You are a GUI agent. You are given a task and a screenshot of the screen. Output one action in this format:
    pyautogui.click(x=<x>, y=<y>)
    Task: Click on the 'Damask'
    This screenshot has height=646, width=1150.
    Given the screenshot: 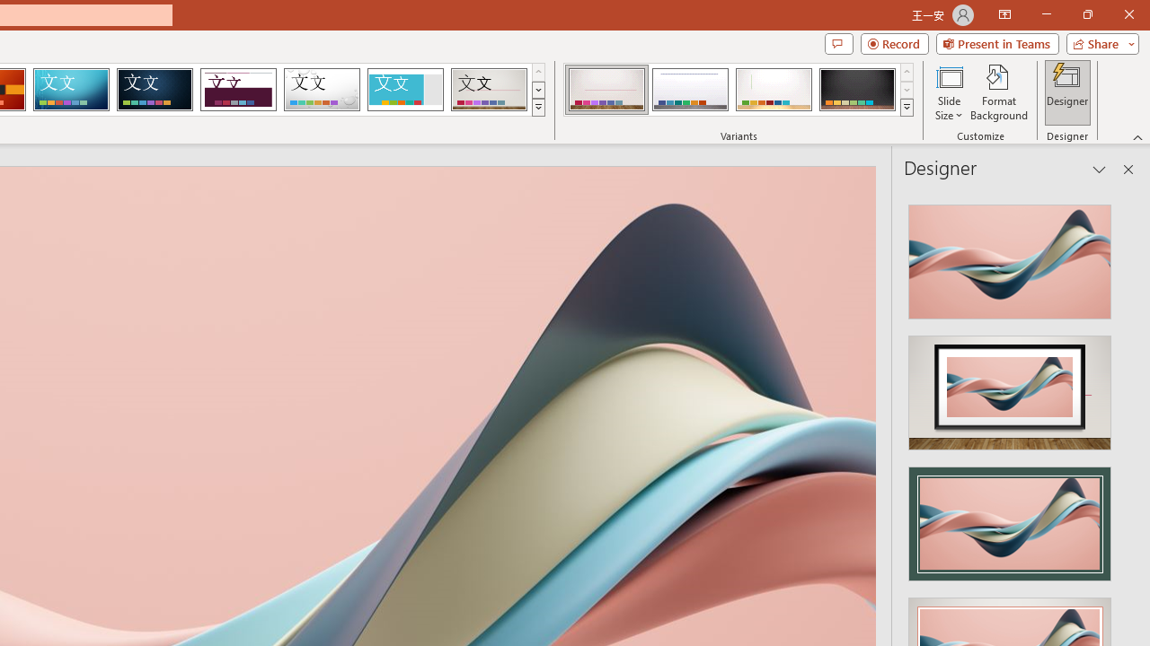 What is the action you would take?
    pyautogui.click(x=155, y=90)
    